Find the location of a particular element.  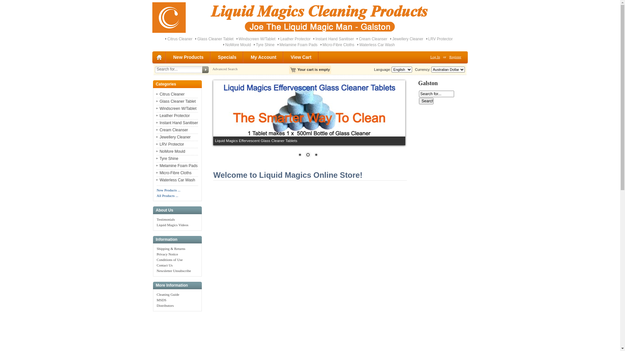

'NoMore Mould' is located at coordinates (171, 151).